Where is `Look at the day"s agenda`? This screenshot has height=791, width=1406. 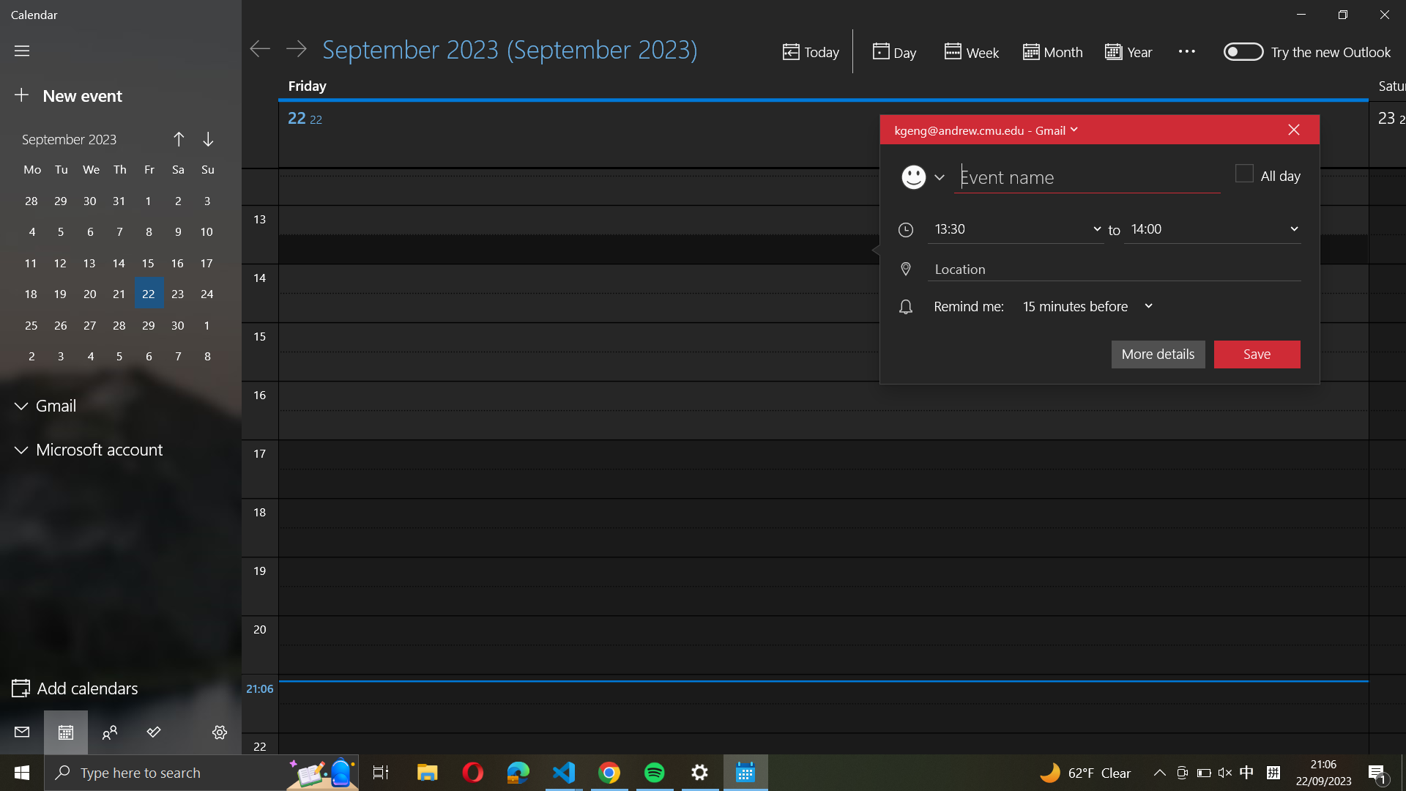
Look at the day"s agenda is located at coordinates (893, 51).